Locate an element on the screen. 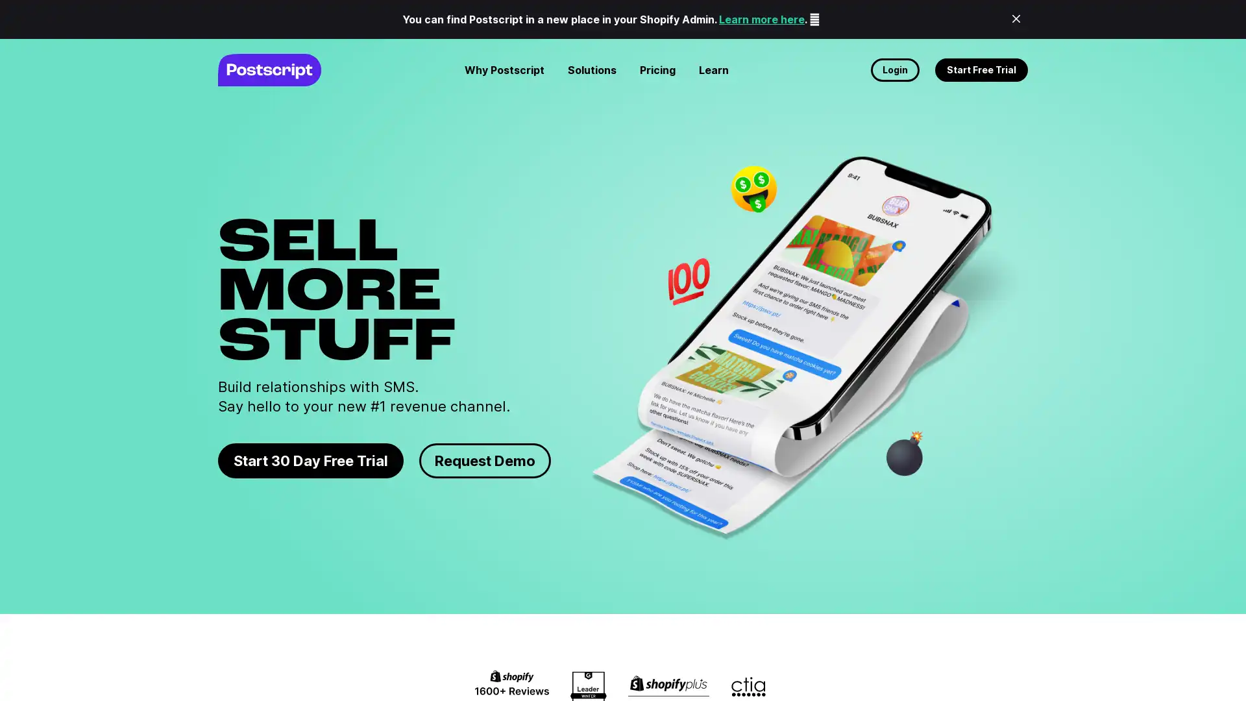 Image resolution: width=1246 pixels, height=701 pixels. Close is located at coordinates (1217, 334).